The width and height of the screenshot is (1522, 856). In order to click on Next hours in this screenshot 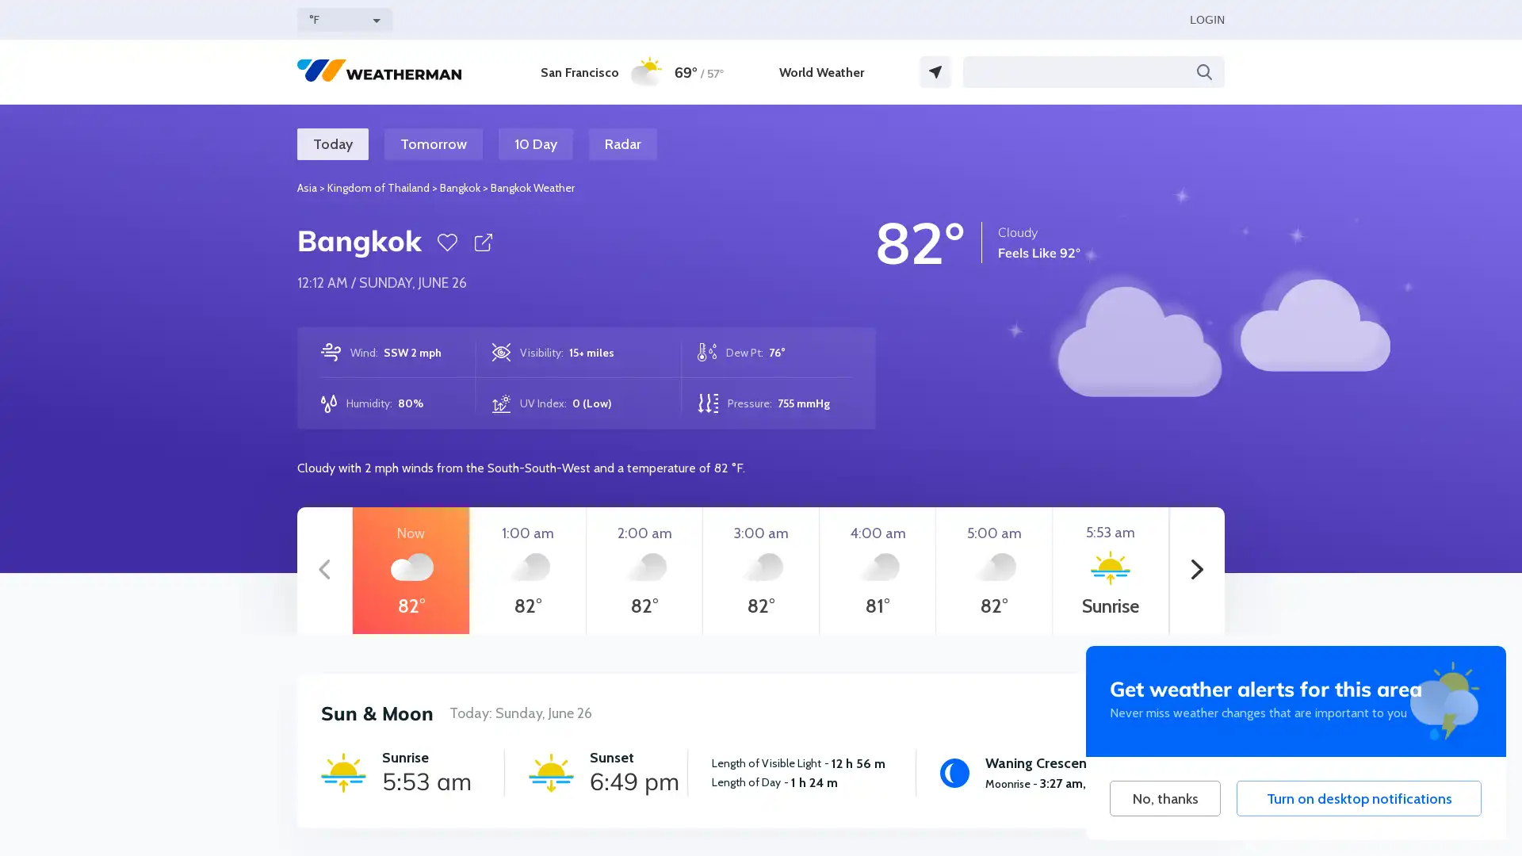, I will do `click(1197, 571)`.